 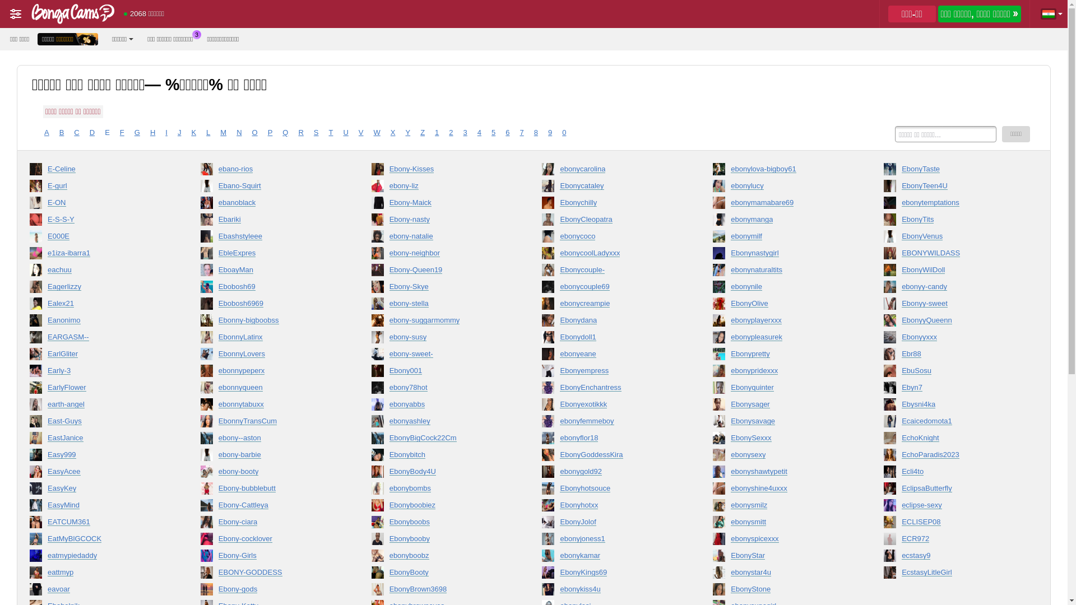 What do you see at coordinates (270, 171) in the screenshot?
I see `'ebano-rios'` at bounding box center [270, 171].